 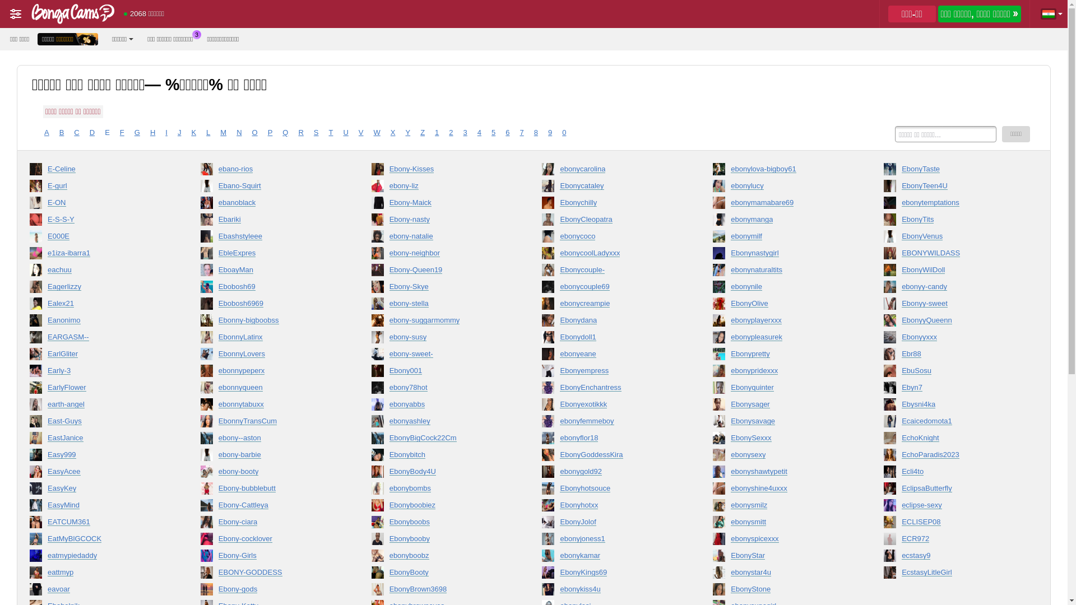 What do you see at coordinates (270, 171) in the screenshot?
I see `'ebano-rios'` at bounding box center [270, 171].